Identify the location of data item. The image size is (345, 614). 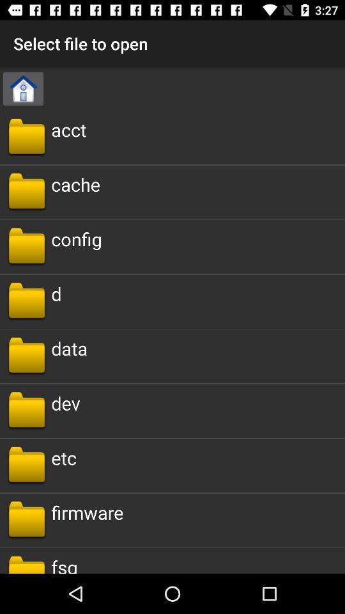
(69, 348).